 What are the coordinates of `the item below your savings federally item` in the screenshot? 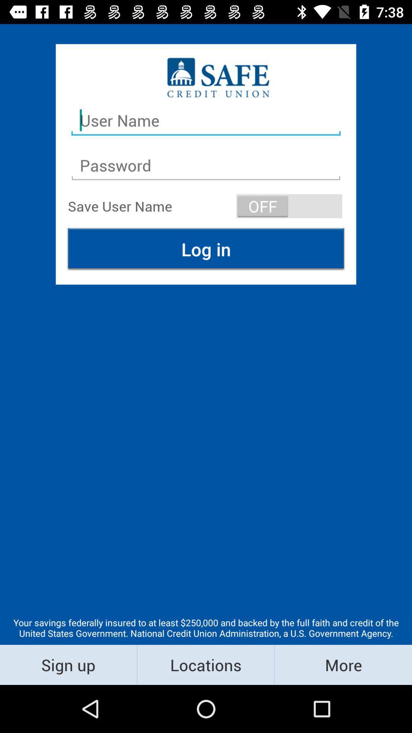 It's located at (343, 664).